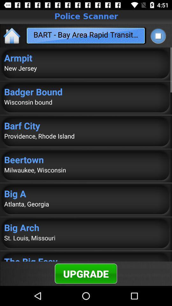 This screenshot has width=172, height=306. What do you see at coordinates (158, 36) in the screenshot?
I see `stop play` at bounding box center [158, 36].